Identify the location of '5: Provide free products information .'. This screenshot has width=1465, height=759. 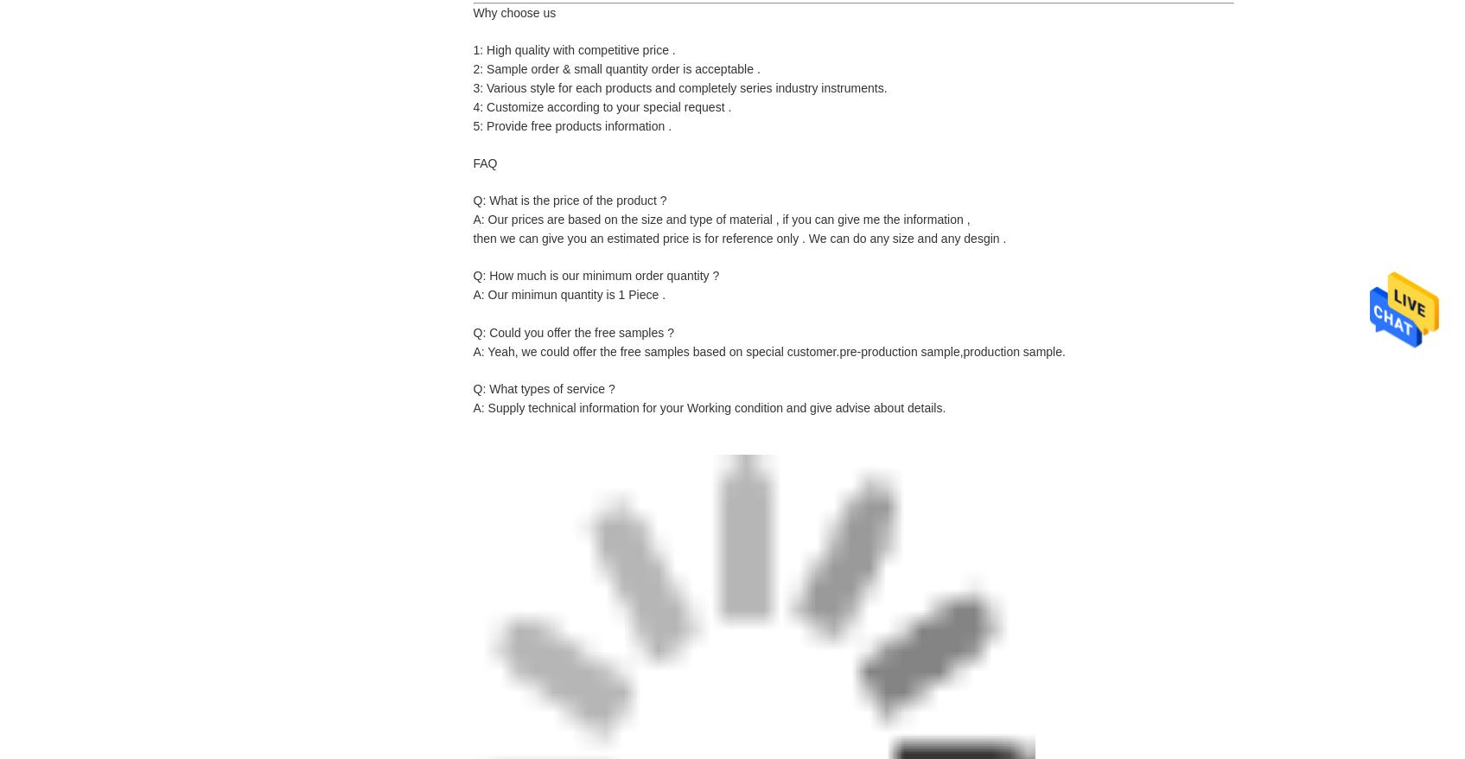
(572, 126).